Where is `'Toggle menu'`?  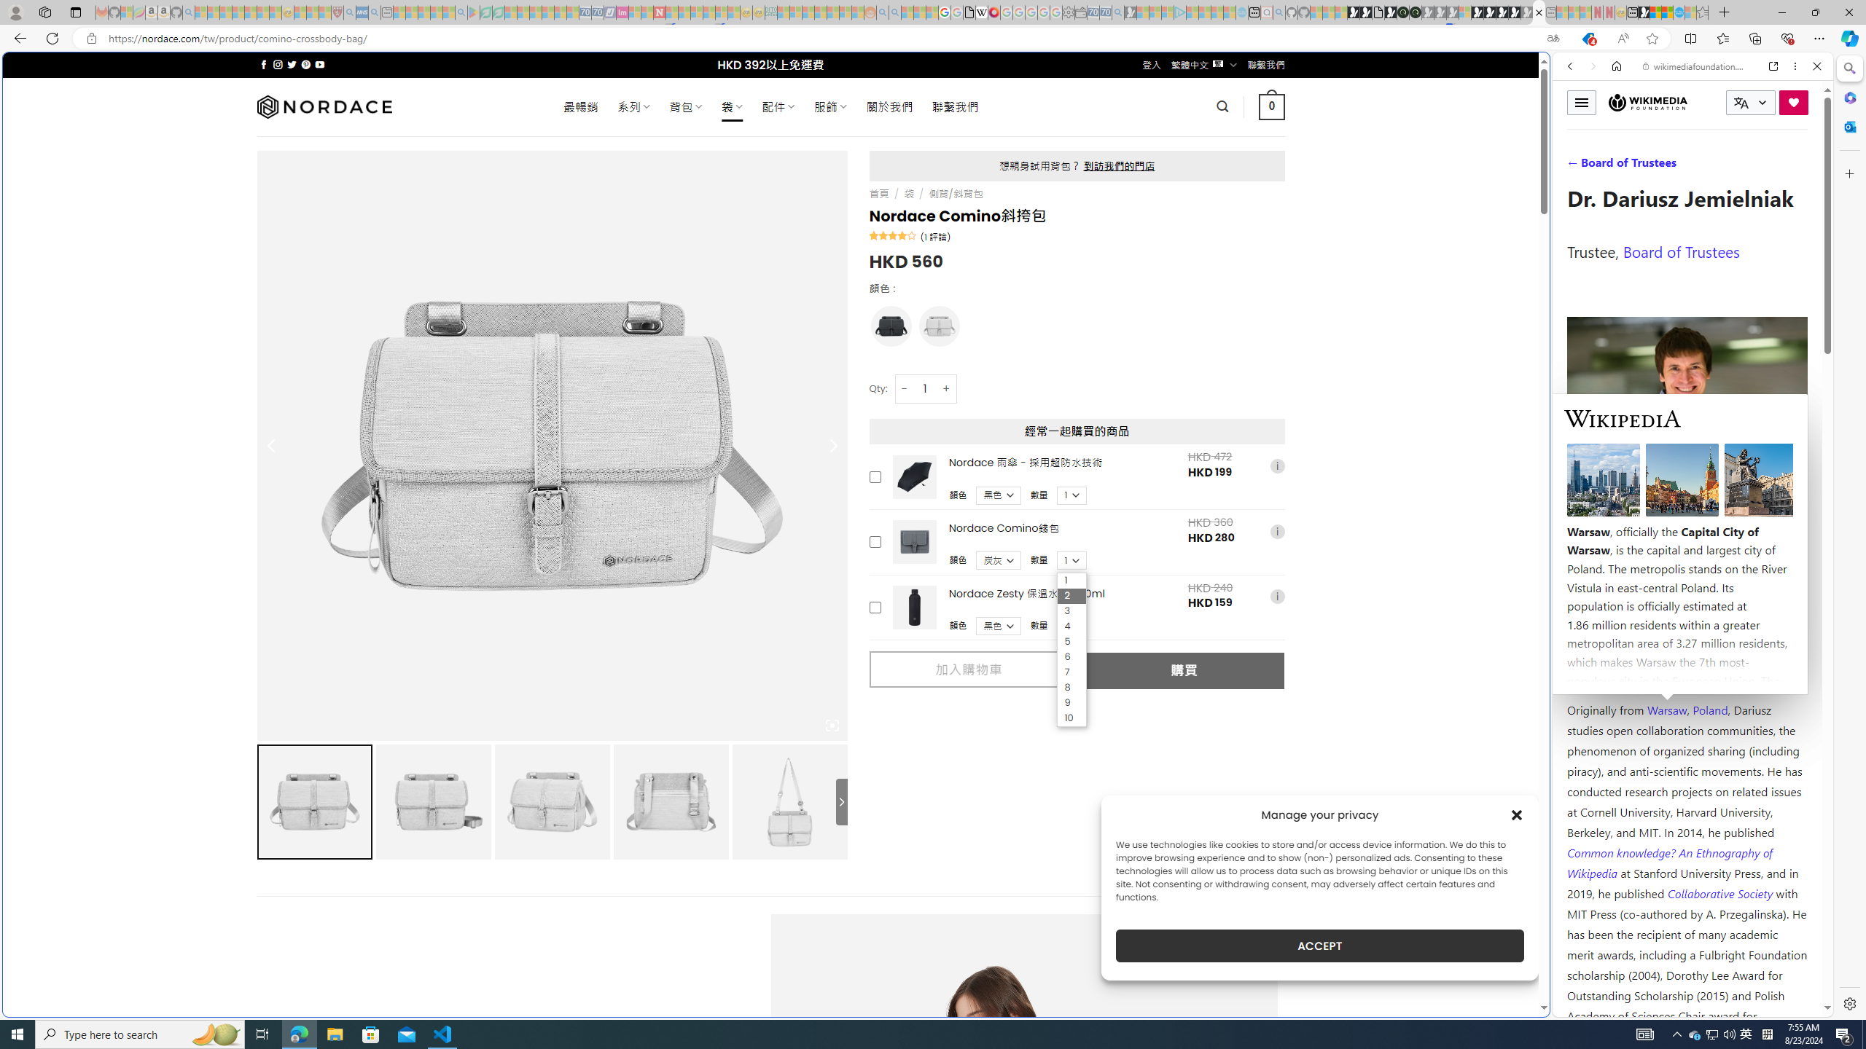 'Toggle menu' is located at coordinates (1580, 103).